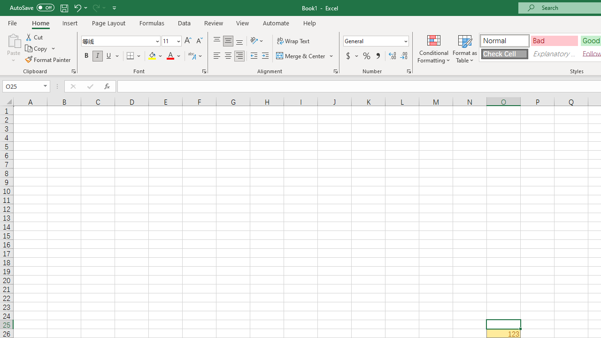 The image size is (601, 338). I want to click on 'Accounting Number Format', so click(347, 56).